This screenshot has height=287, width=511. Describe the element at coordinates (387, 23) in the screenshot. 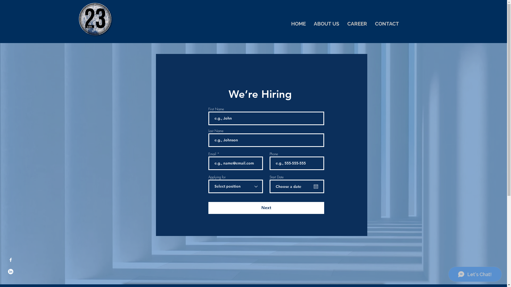

I see `'CONTACT'` at that location.